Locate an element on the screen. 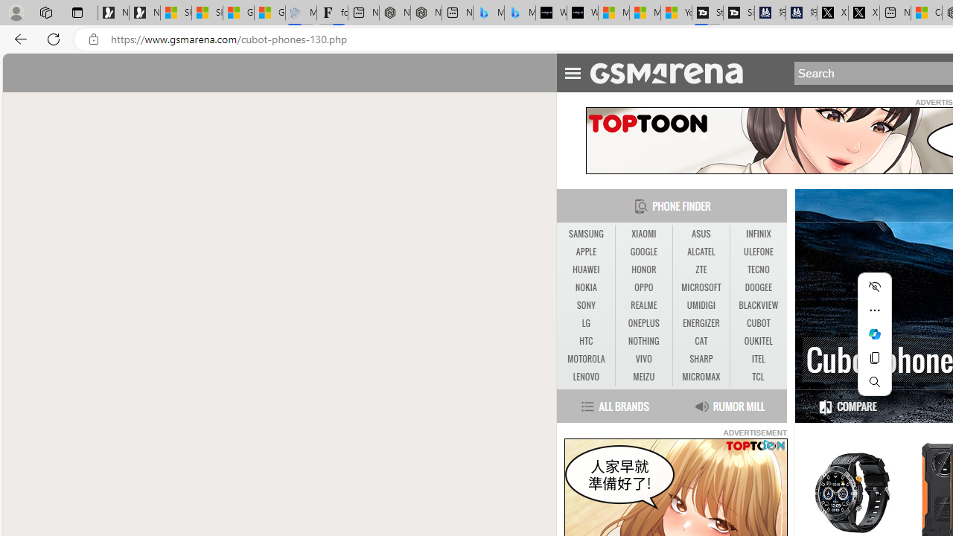 The image size is (953, 536). 'CUBOT' is located at coordinates (758, 322).